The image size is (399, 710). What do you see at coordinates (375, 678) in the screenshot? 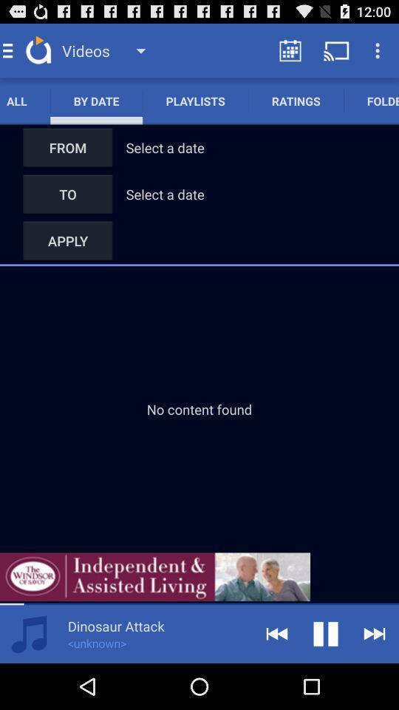
I see `the skip_next icon` at bounding box center [375, 678].